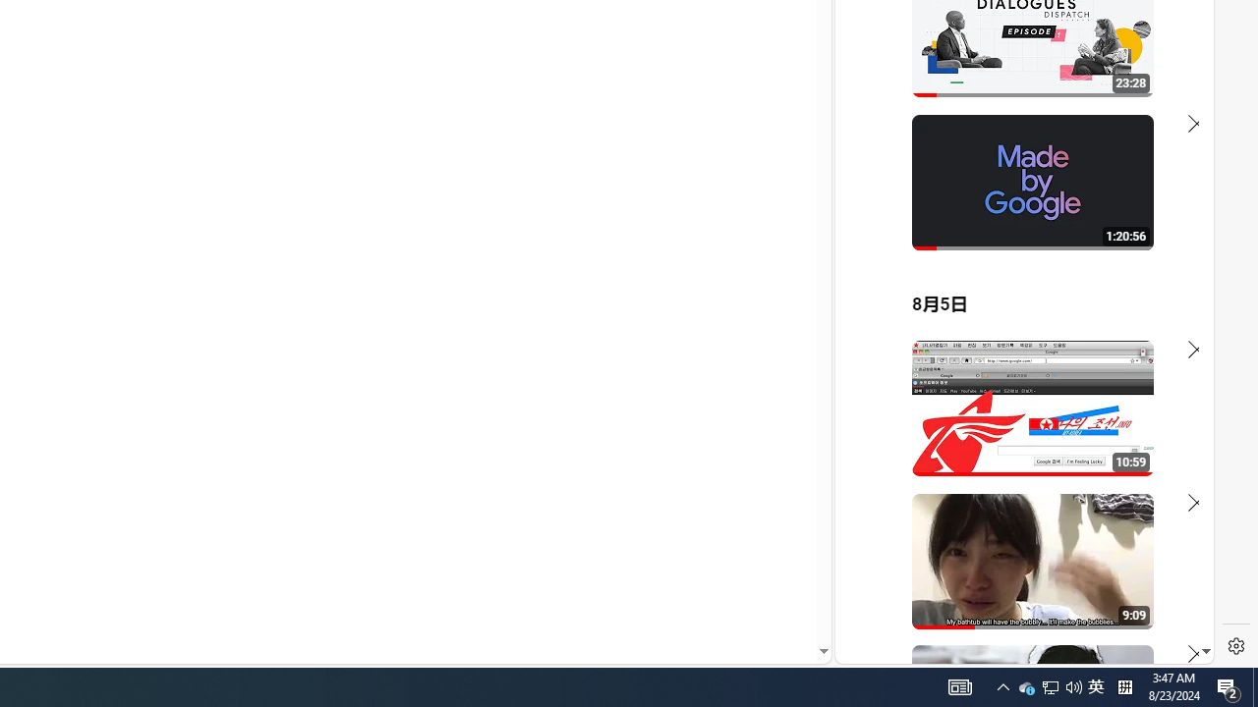 The width and height of the screenshot is (1258, 707). What do you see at coordinates (1254, 685) in the screenshot?
I see `'Show desktop'` at bounding box center [1254, 685].